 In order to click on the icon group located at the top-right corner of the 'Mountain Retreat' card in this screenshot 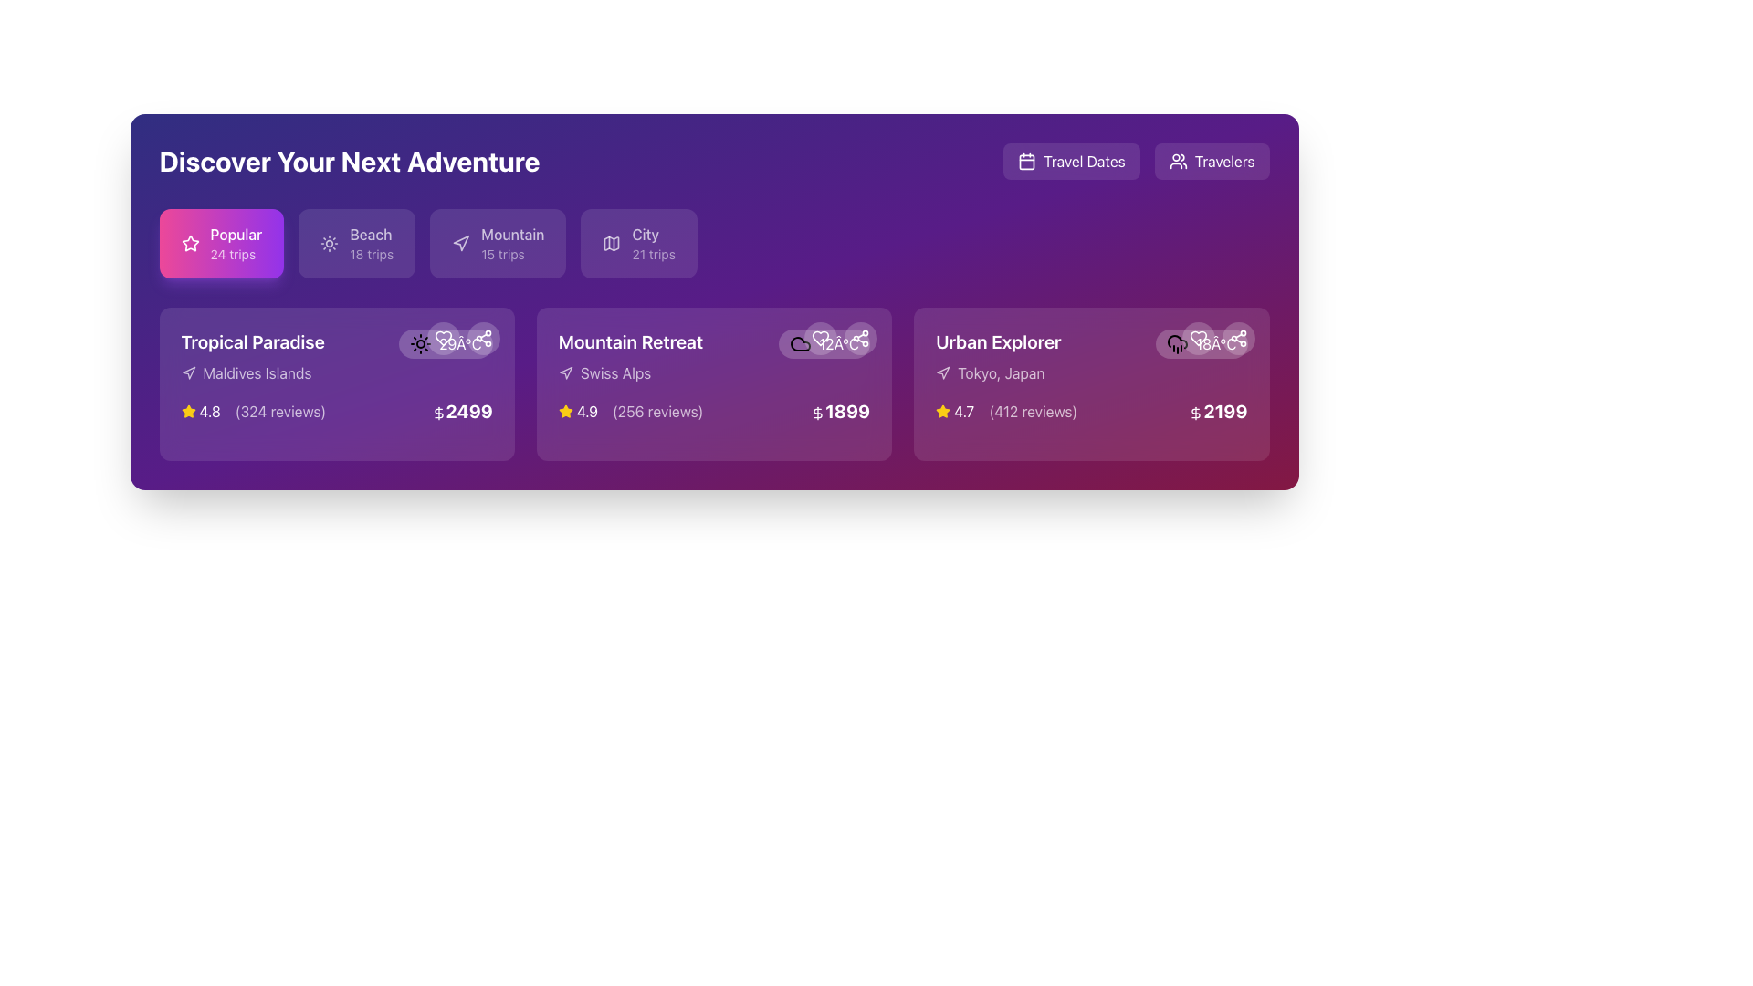, I will do `click(840, 338)`.